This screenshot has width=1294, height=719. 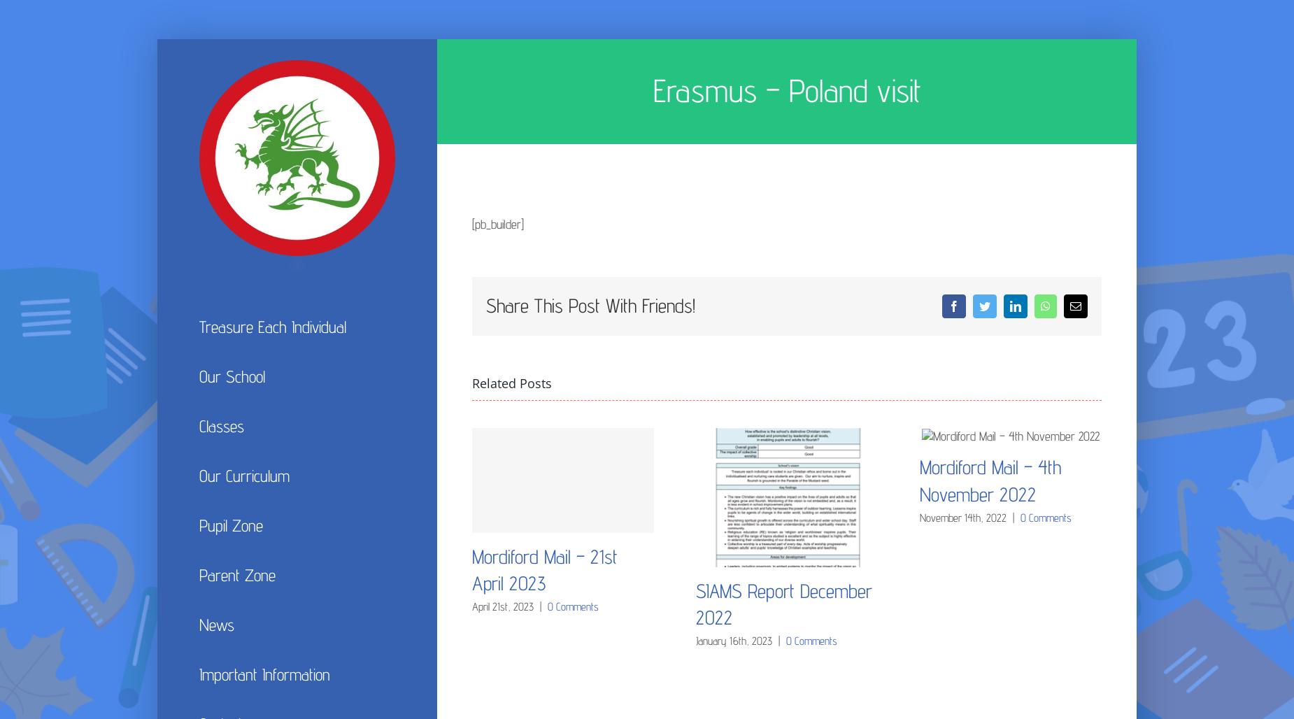 I want to click on 'Maths', so click(x=711, y=590).